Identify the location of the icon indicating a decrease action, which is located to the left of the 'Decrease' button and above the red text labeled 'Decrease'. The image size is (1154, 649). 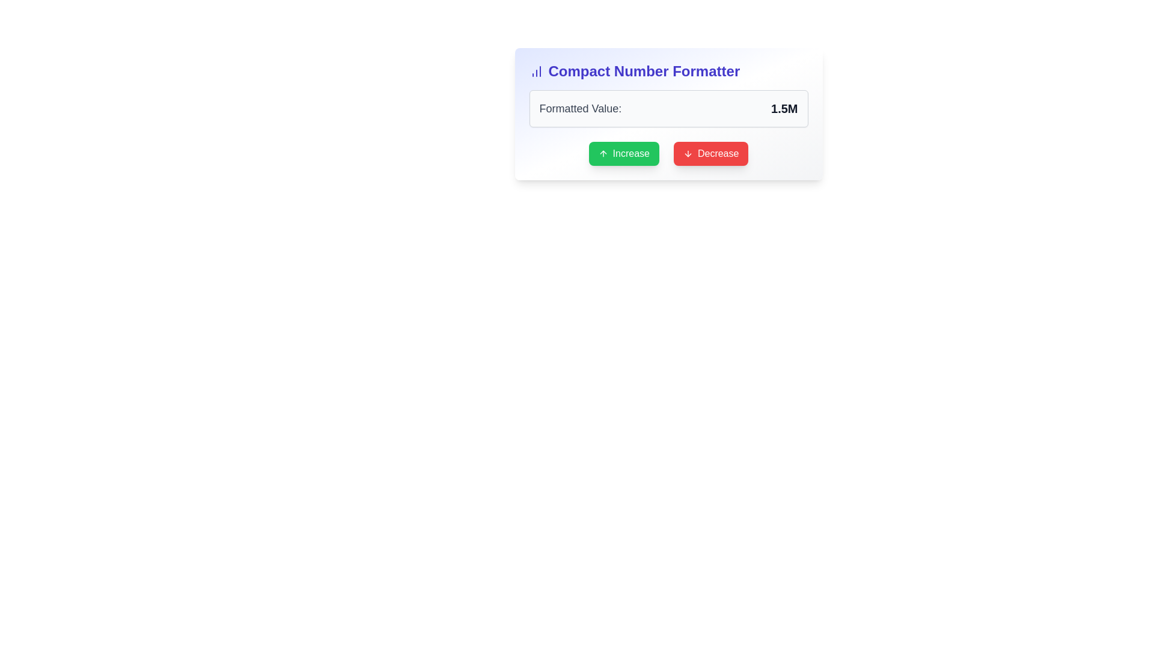
(688, 153).